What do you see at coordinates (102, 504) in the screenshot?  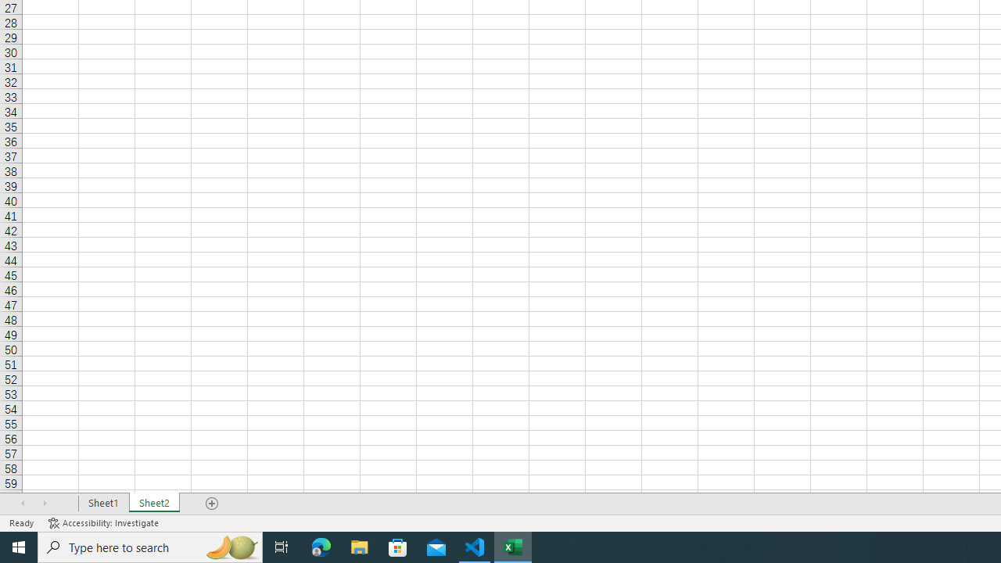 I see `'Sheet1'` at bounding box center [102, 504].